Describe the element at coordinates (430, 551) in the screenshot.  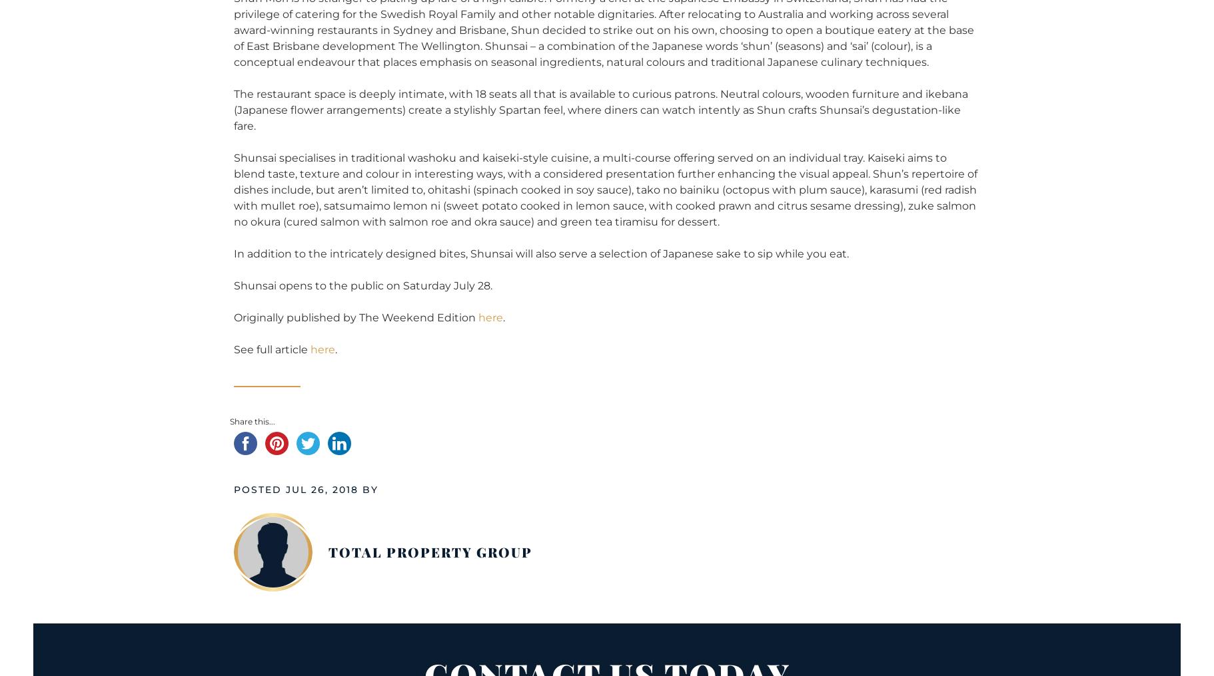
I see `'TOTAL Property Group'` at that location.